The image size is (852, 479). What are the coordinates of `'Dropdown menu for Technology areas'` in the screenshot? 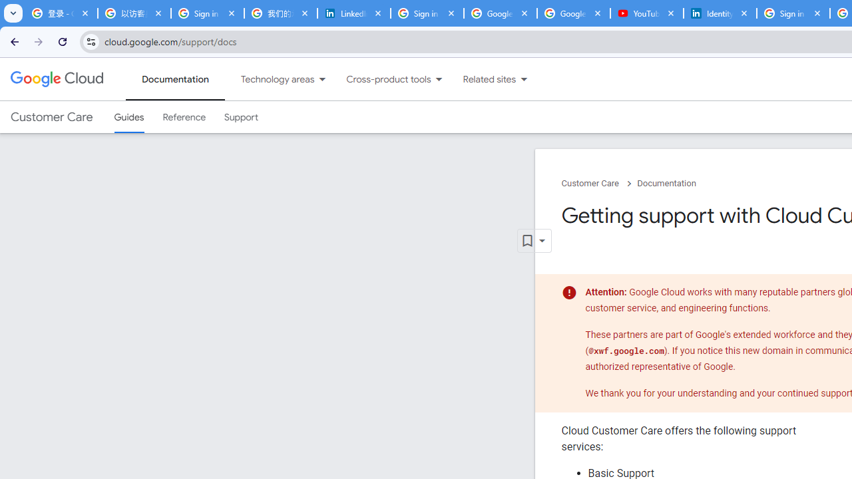 It's located at (322, 79).